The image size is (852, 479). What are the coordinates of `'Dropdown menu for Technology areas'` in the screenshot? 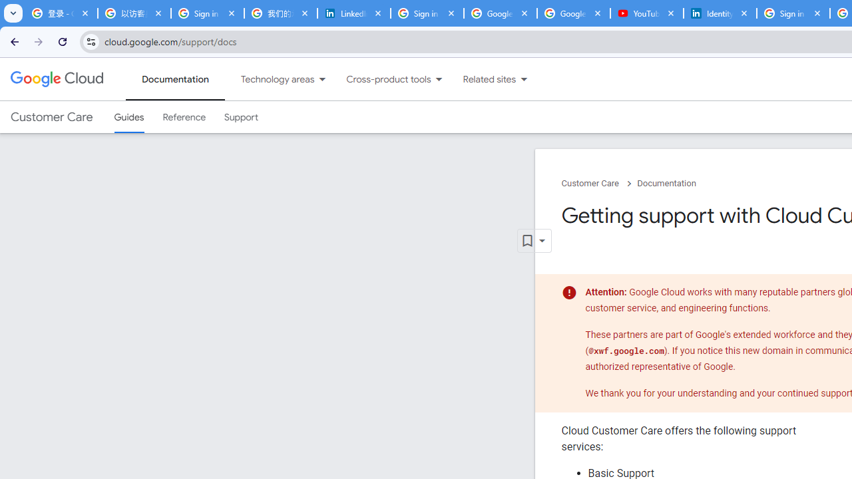 It's located at (322, 79).